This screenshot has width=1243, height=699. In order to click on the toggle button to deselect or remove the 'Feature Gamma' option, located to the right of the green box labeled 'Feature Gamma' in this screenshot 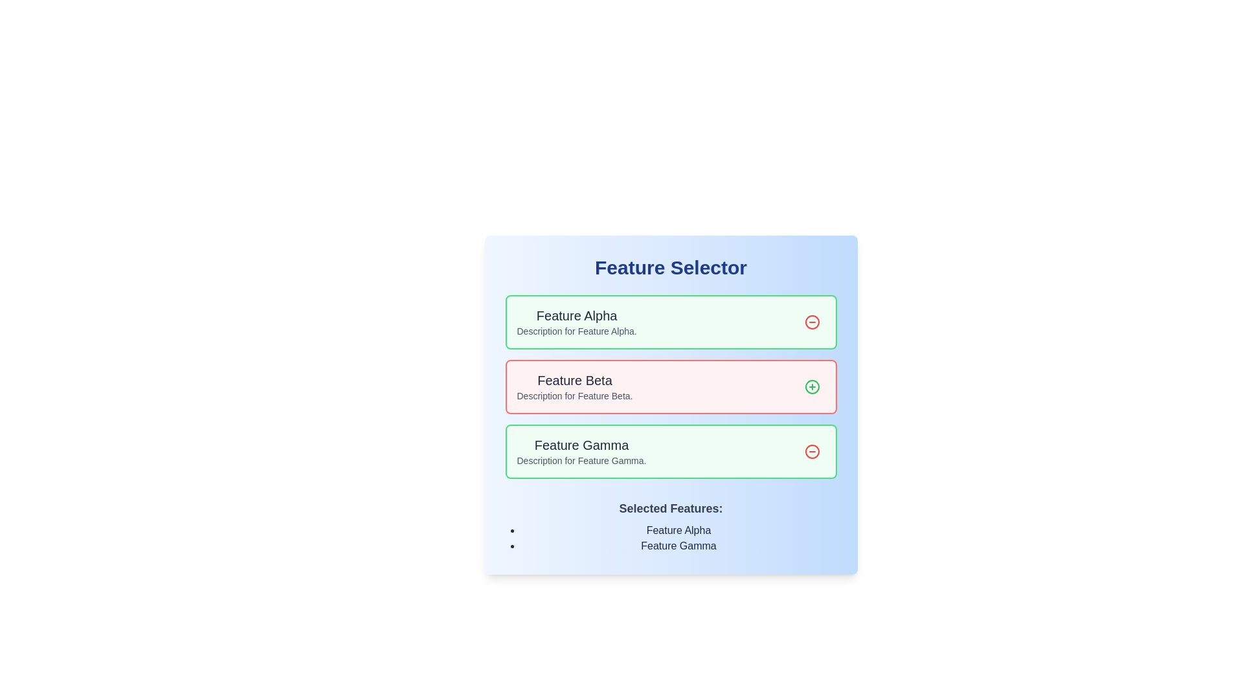, I will do `click(811, 451)`.